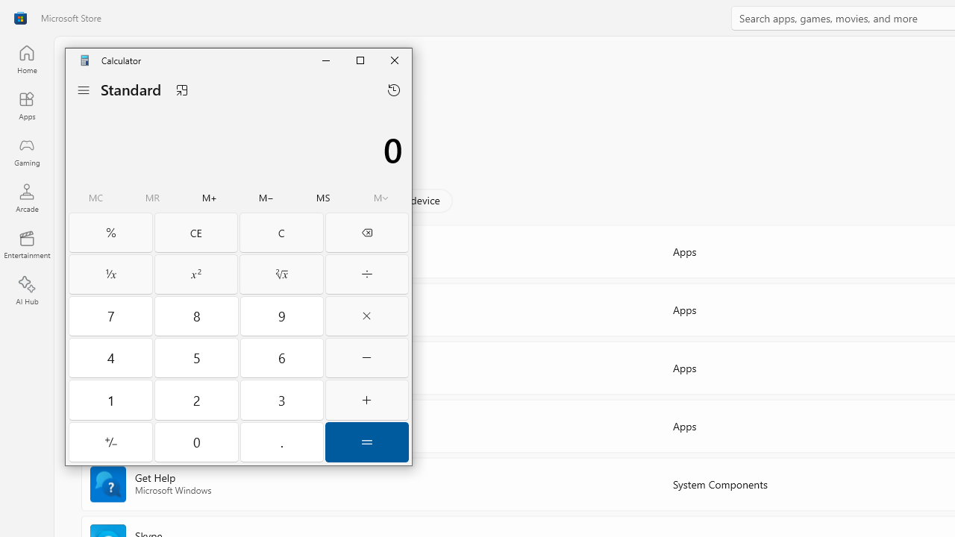  What do you see at coordinates (367, 315) in the screenshot?
I see `'Multiply by'` at bounding box center [367, 315].